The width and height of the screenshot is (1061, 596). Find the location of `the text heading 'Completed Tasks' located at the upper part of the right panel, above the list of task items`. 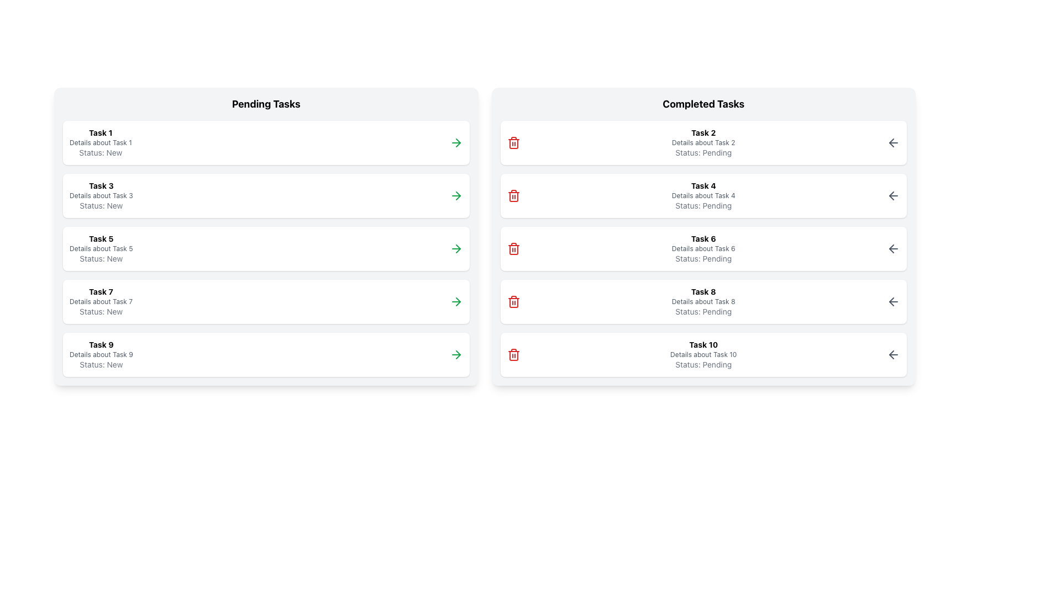

the text heading 'Completed Tasks' located at the upper part of the right panel, above the list of task items is located at coordinates (703, 104).